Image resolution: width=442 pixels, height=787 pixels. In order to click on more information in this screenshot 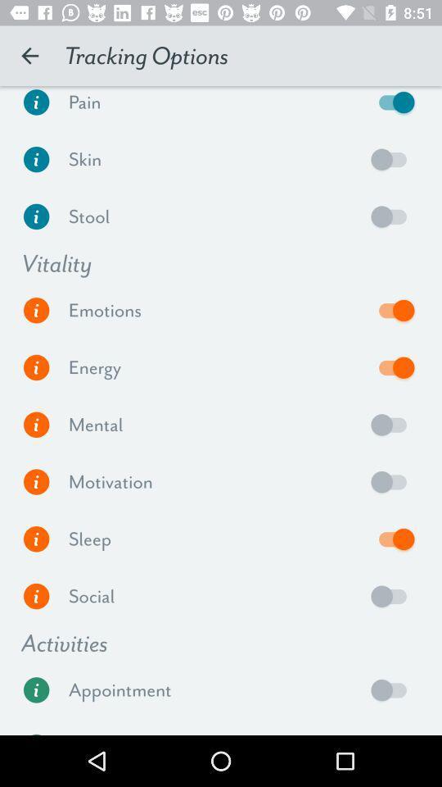, I will do `click(36, 595)`.